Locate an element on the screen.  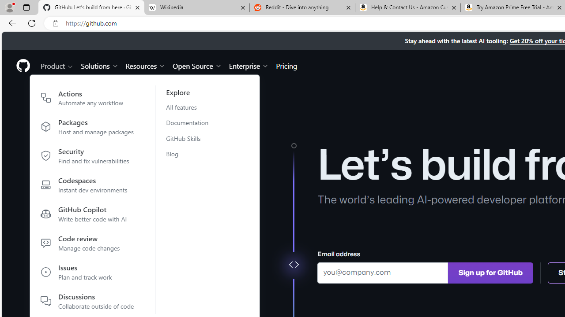
'All features' is located at coordinates (192, 107).